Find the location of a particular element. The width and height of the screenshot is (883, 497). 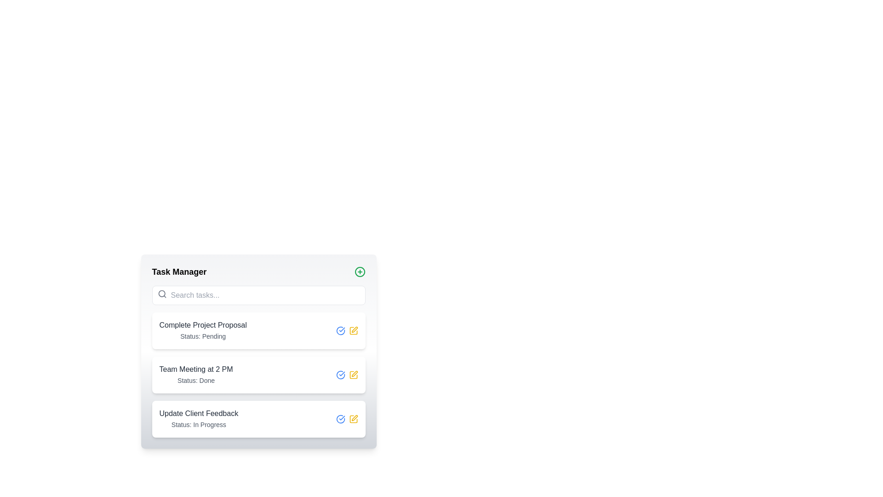

the icon button on the right side of the task entry labeled 'Complete Project Proposal' is located at coordinates (353, 330).